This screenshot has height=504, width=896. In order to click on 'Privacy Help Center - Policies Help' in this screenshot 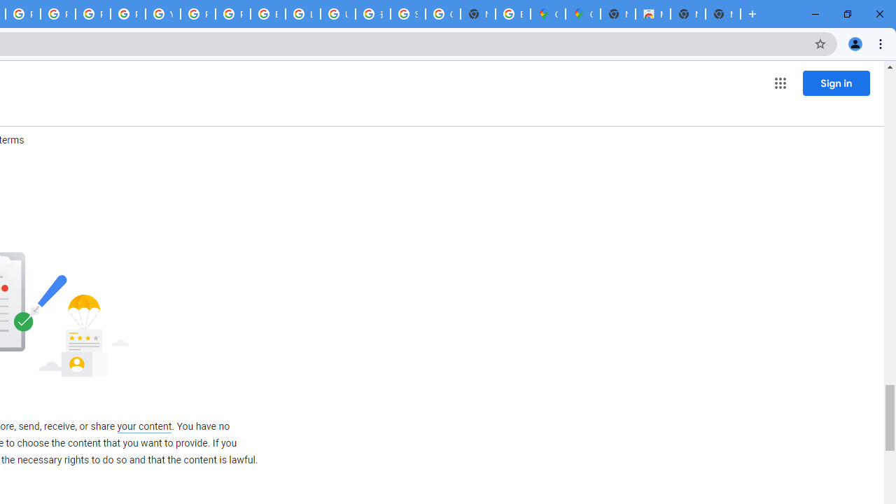, I will do `click(57, 14)`.